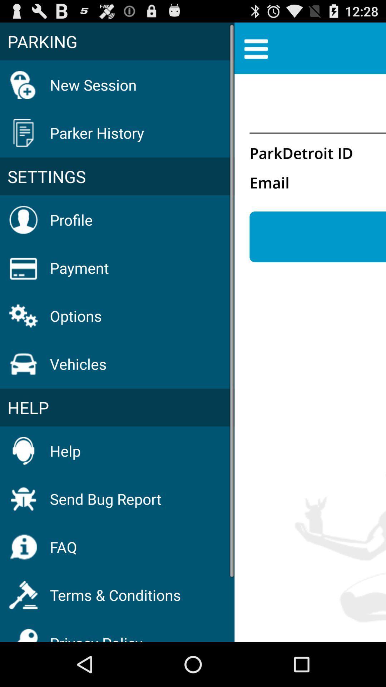 Image resolution: width=386 pixels, height=687 pixels. Describe the element at coordinates (105, 498) in the screenshot. I see `send bug report` at that location.